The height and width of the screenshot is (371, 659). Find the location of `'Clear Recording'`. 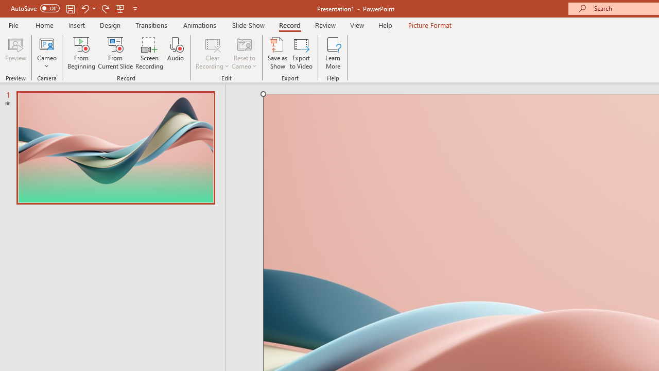

'Clear Recording' is located at coordinates (212, 53).